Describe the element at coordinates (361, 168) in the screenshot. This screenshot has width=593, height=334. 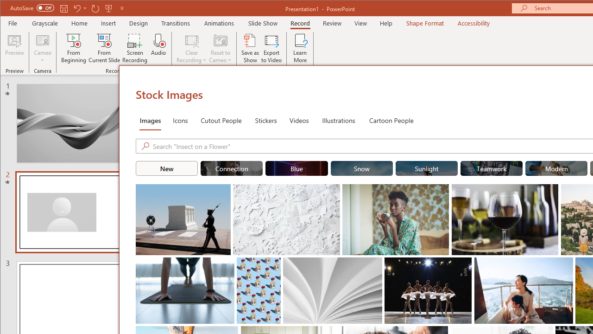
I see `'"Snow" Stock Images.'` at that location.